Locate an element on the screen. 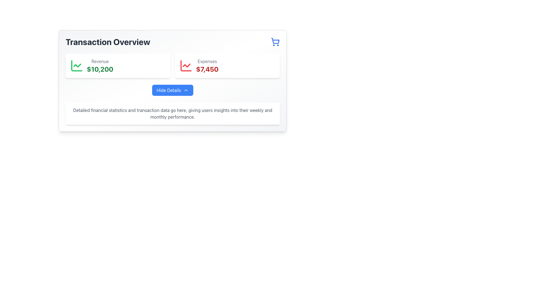  the line chart icon located to the left of the 'Revenue $10,200' card in the dashboard overview, indicating positive growth is located at coordinates (76, 65).